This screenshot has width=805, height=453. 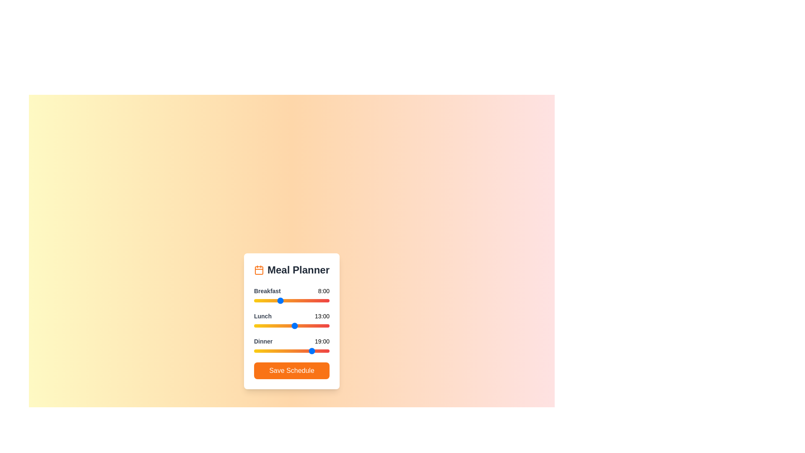 What do you see at coordinates (263, 300) in the screenshot?
I see `the 0 slider to 3` at bounding box center [263, 300].